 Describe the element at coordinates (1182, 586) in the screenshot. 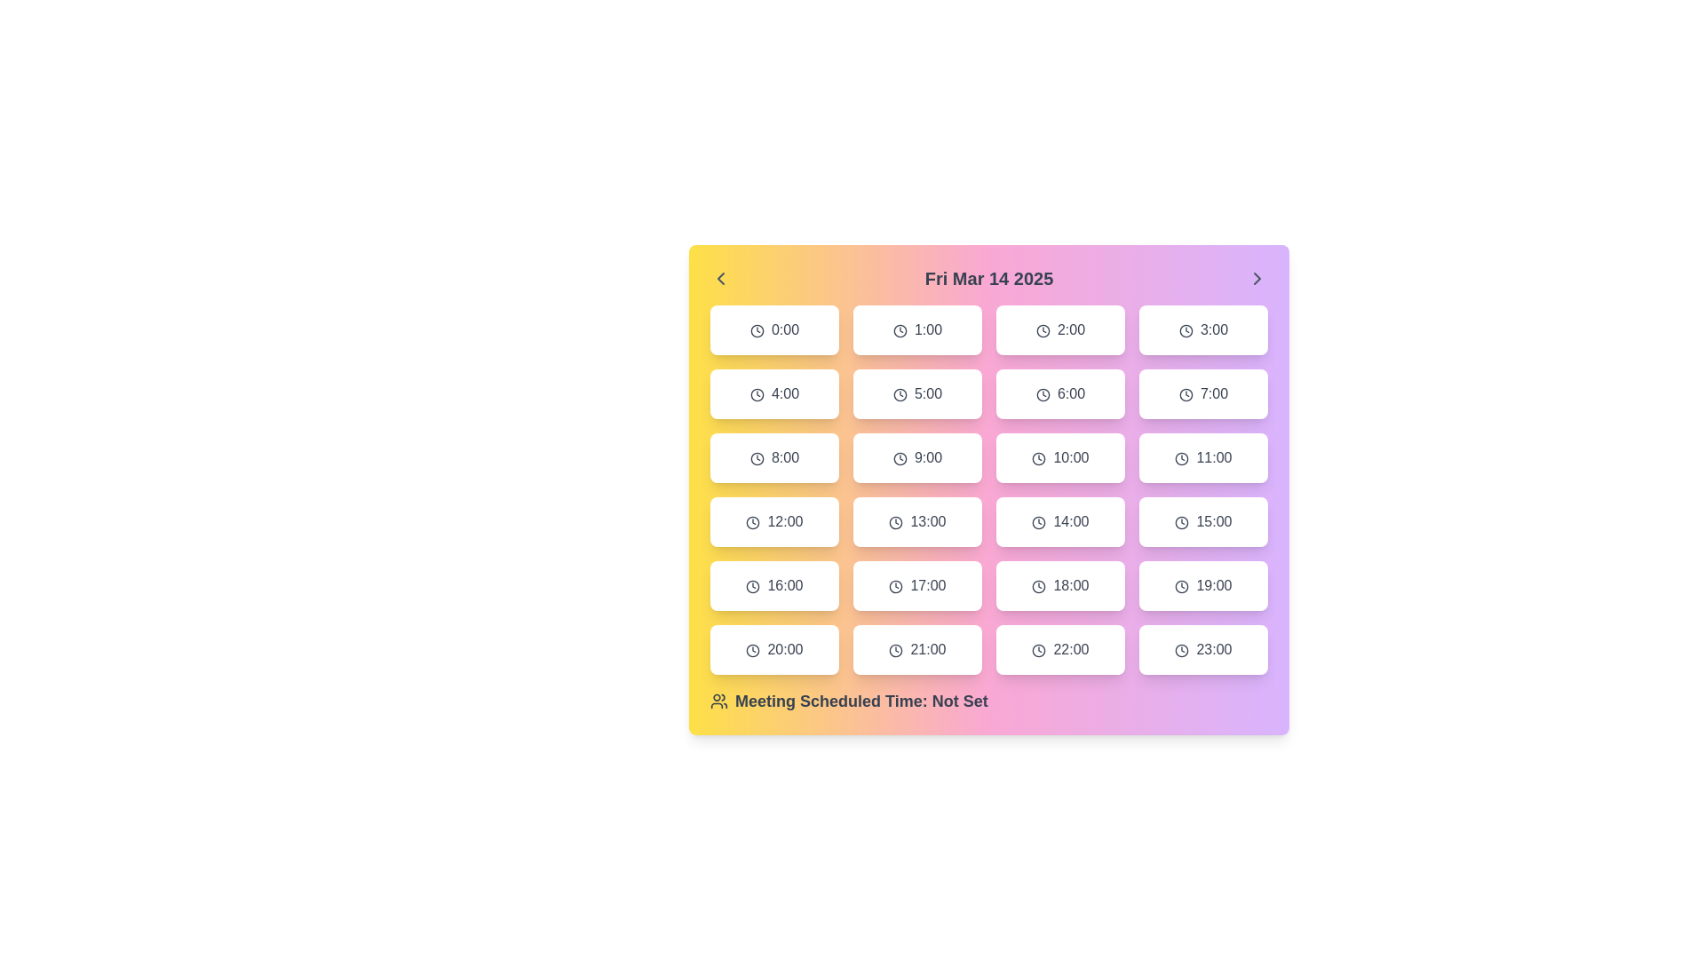

I see `the Circle element within the SVG Clock Icon associated with the time slot labeled '19:00' in the timing grid interface` at that location.